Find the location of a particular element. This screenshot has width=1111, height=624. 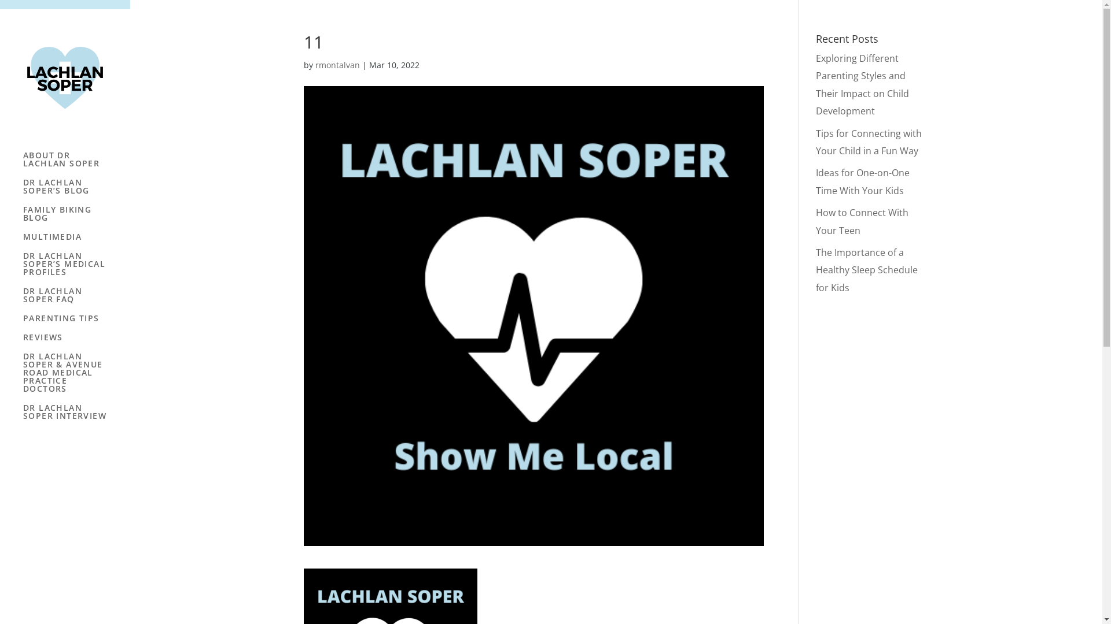

'MULTIMEDIA' is located at coordinates (23, 242).